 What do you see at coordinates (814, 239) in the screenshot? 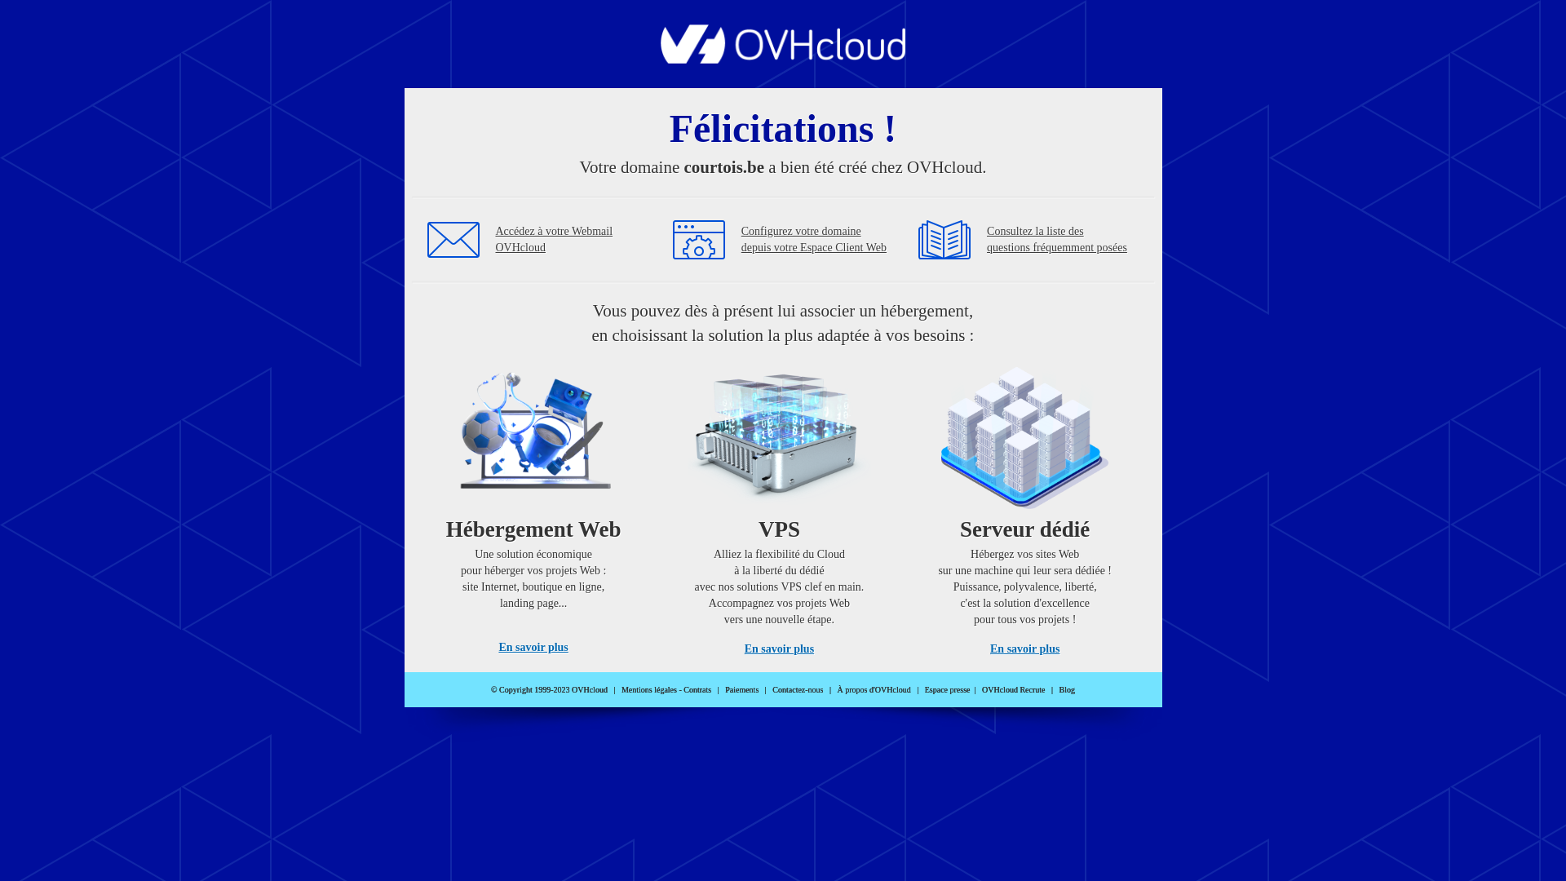
I see `'Configurez votre domaine` at bounding box center [814, 239].